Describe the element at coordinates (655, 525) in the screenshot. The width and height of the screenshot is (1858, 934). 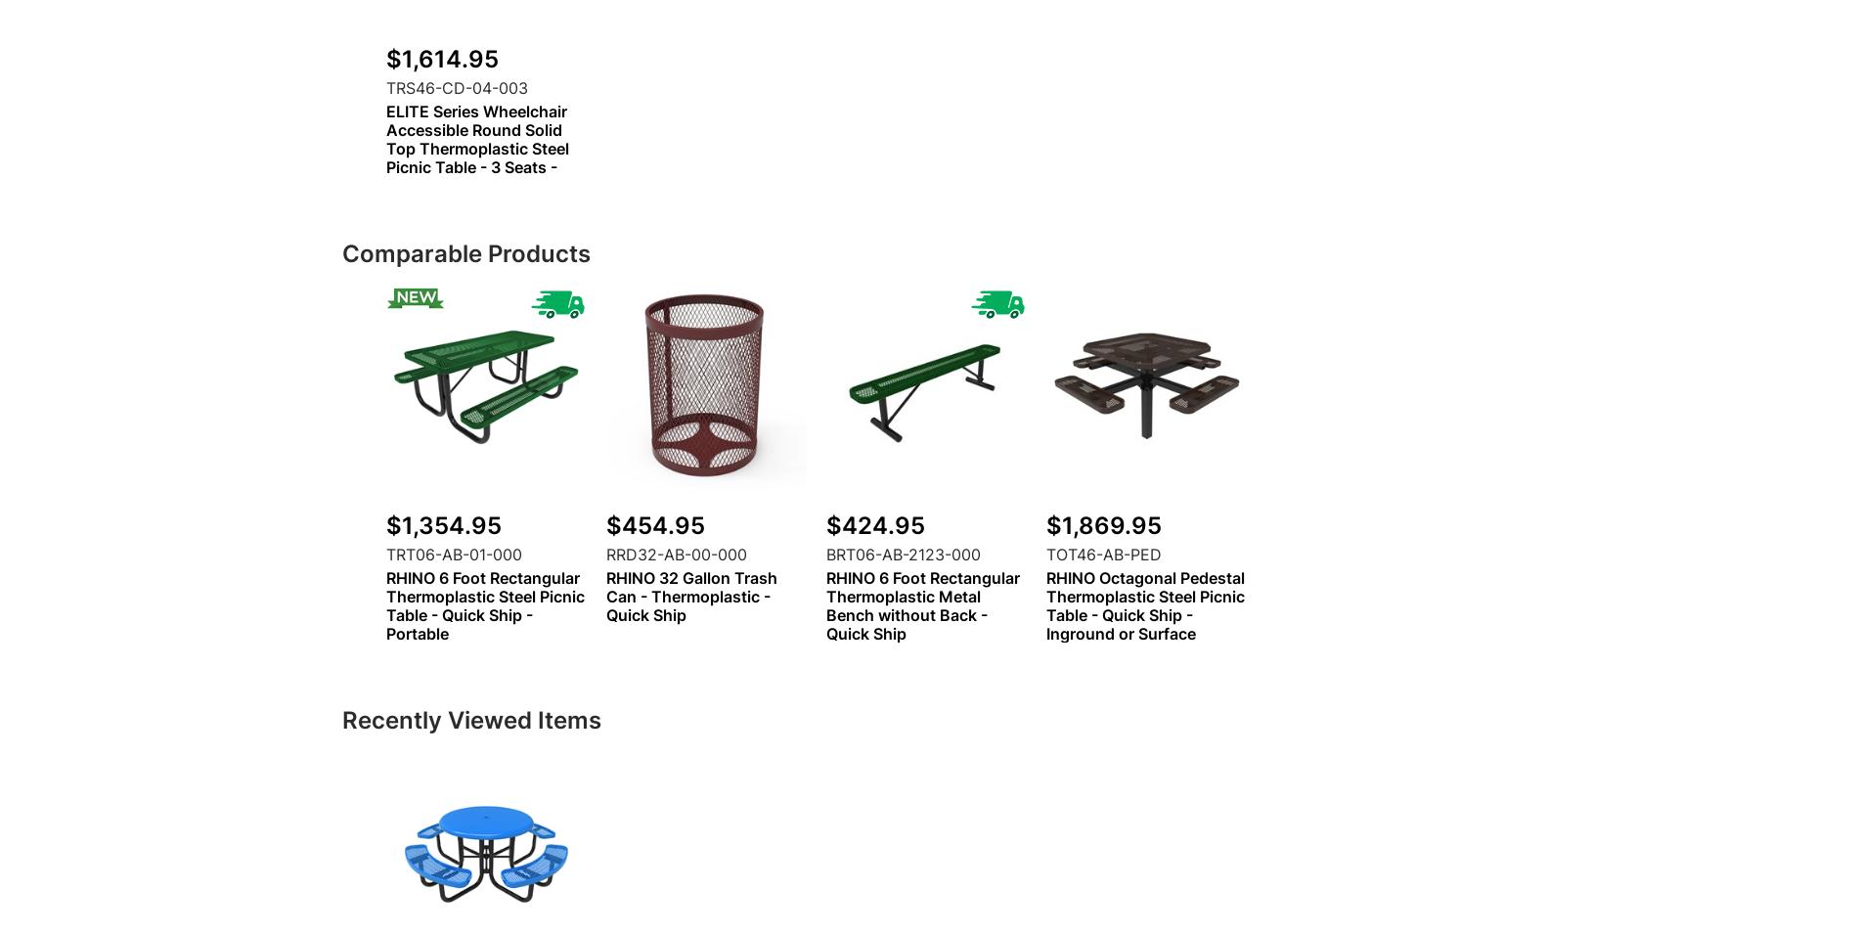
I see `'$454.95'` at that location.